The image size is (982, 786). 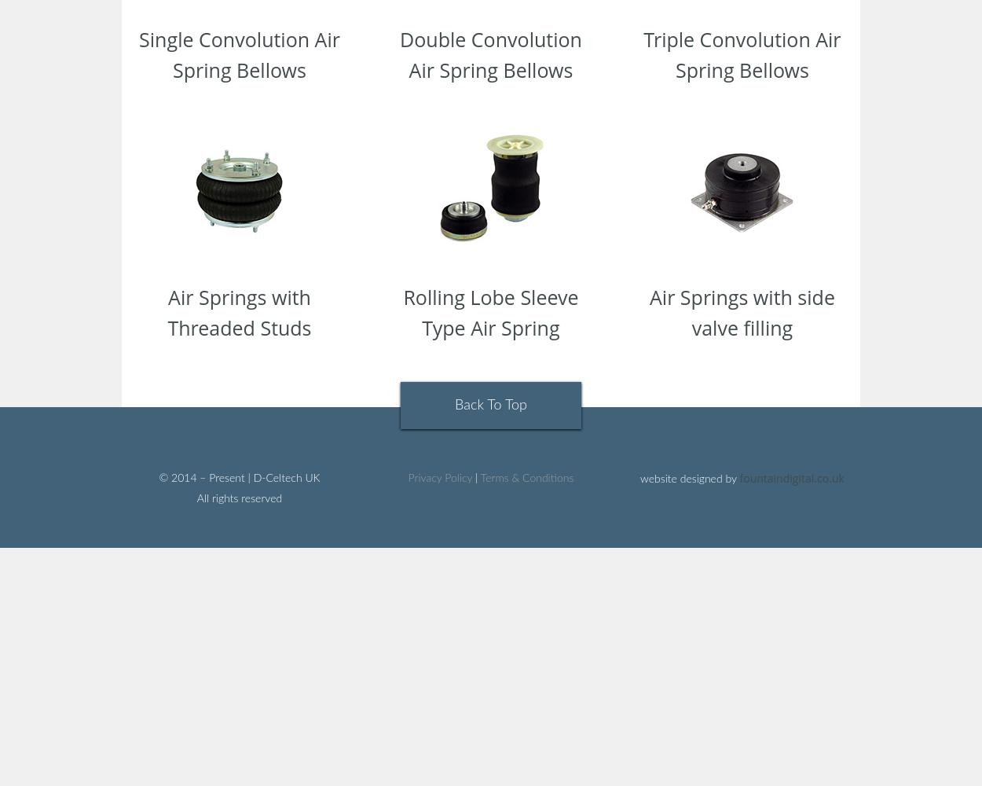 What do you see at coordinates (239, 478) in the screenshot?
I see `'© 2014 – Present | D-Celtech UK'` at bounding box center [239, 478].